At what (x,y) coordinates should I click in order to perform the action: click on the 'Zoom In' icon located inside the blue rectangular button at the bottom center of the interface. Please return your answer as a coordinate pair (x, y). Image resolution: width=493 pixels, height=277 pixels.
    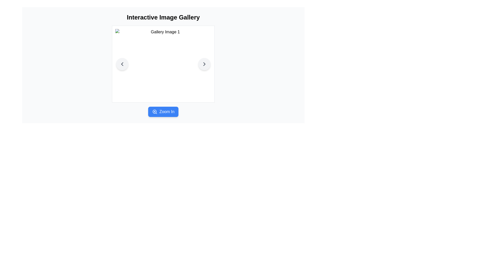
    Looking at the image, I should click on (154, 111).